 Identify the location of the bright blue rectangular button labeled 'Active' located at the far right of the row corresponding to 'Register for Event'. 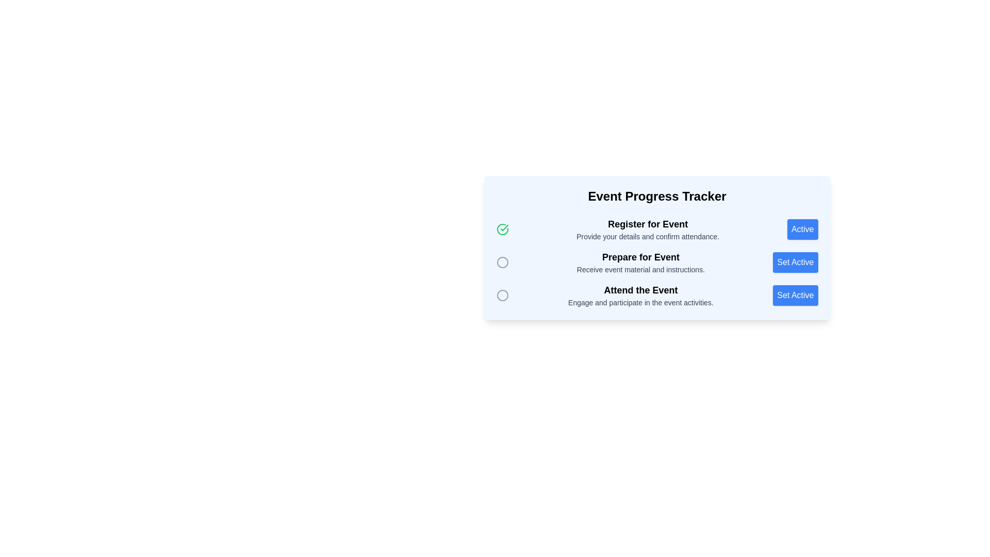
(802, 228).